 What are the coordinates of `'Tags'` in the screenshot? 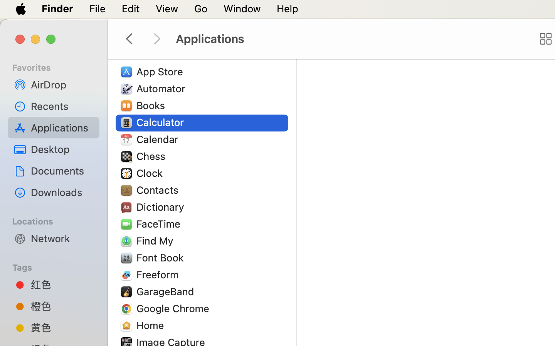 It's located at (58, 266).